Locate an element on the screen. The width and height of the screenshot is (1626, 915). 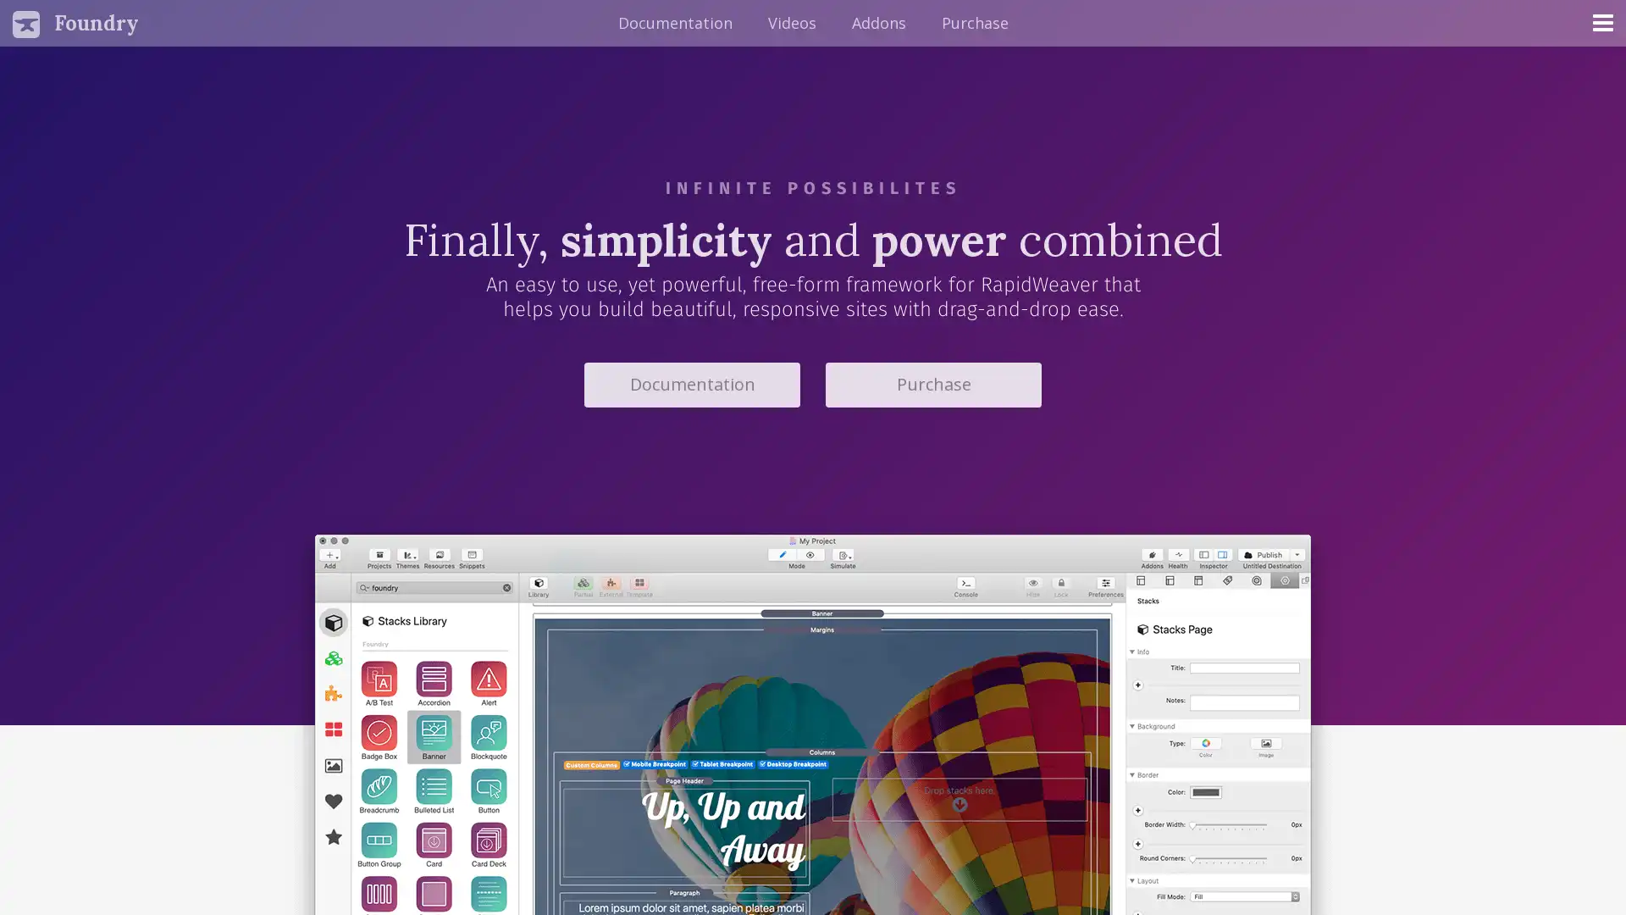
Purchase is located at coordinates (932, 384).